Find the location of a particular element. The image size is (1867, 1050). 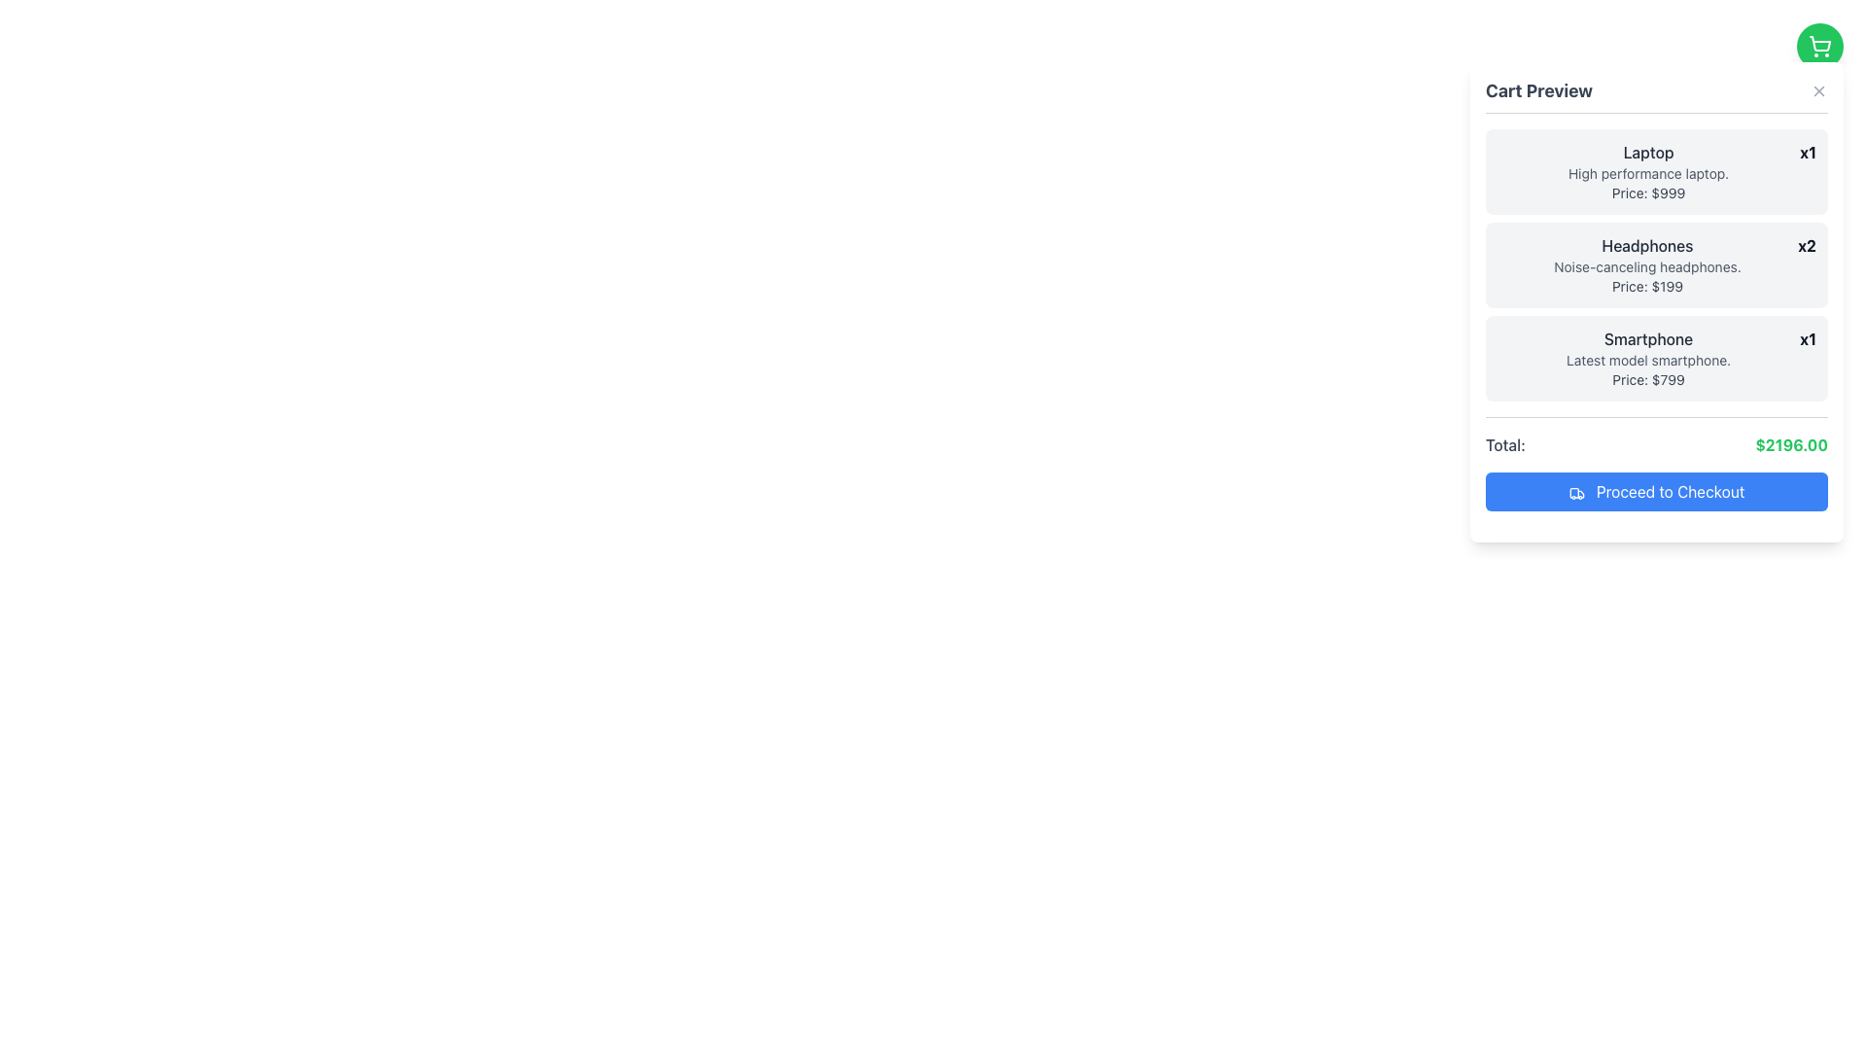

the 'x2' text label in bold, dark gray font located in the upper-right corner of the 'Headphones' item block in the shopping cart summary is located at coordinates (1806, 245).